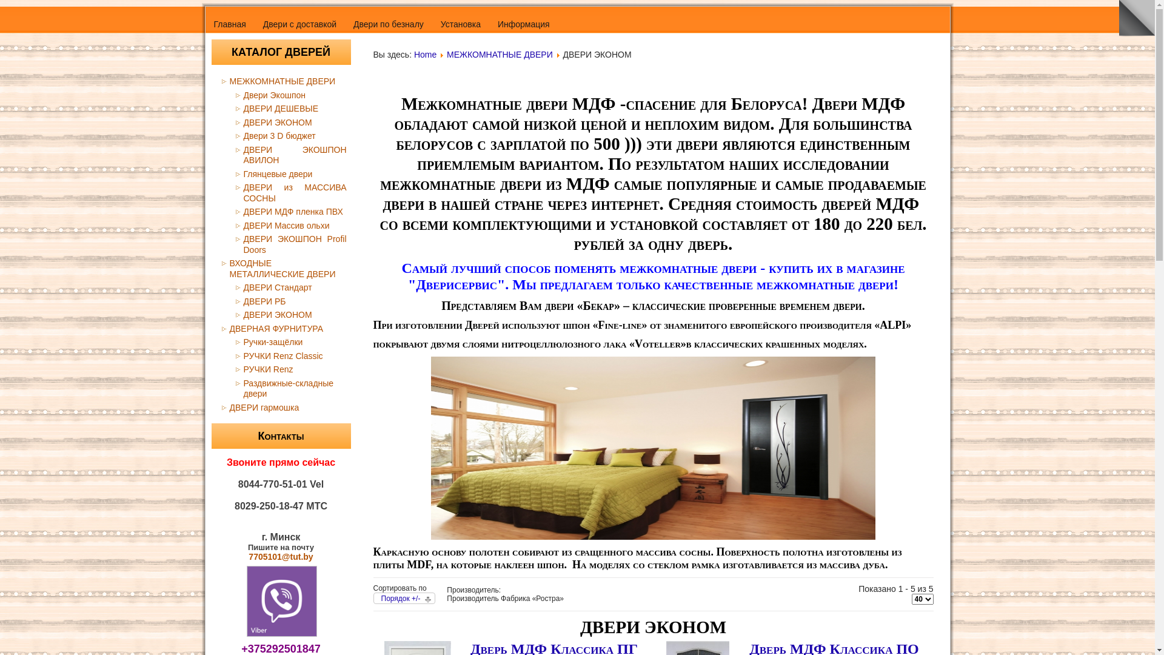 The height and width of the screenshot is (655, 1164). I want to click on '7705101@tut.by', so click(247, 557).